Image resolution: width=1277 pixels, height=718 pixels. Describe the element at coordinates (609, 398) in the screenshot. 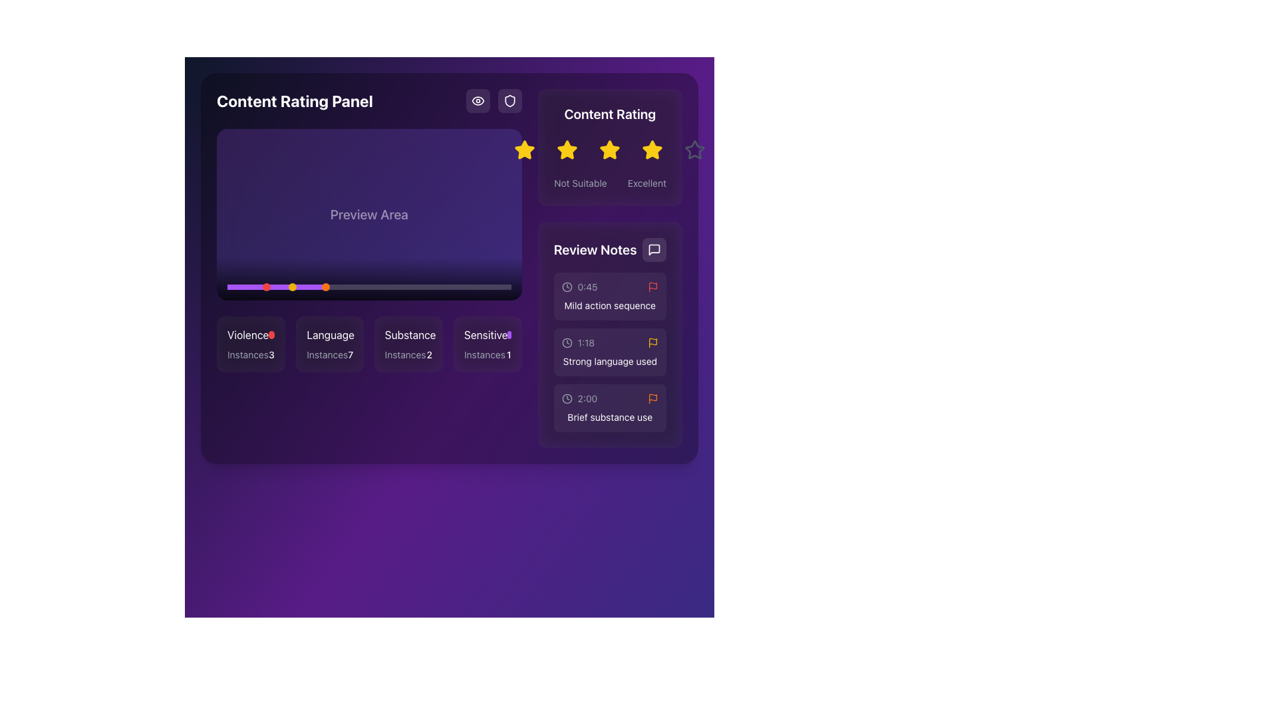

I see `the third compact card item displaying the timestamp '2:00' and contextual icons` at that location.